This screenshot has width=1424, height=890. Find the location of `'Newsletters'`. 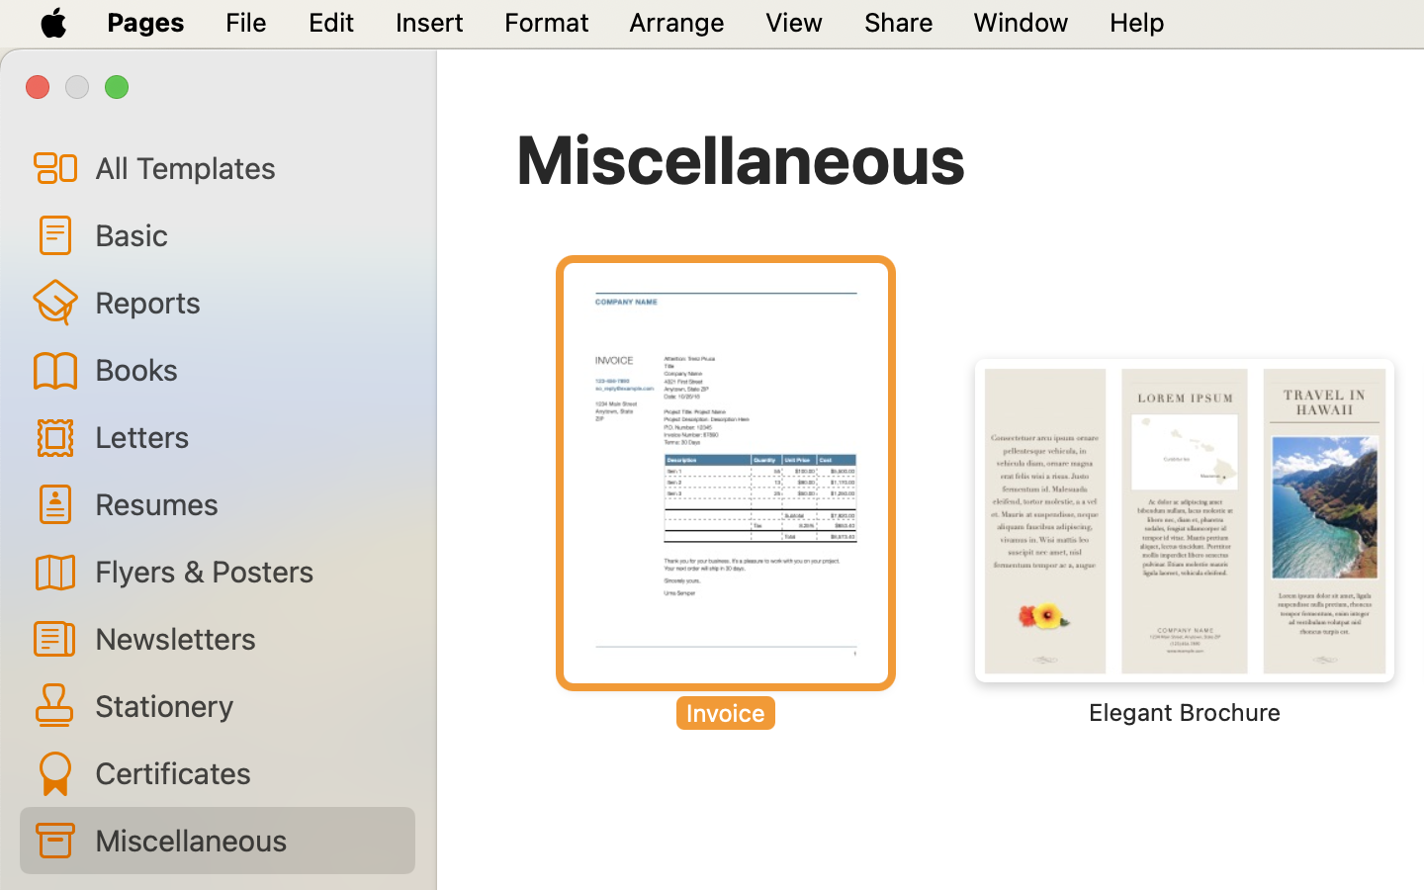

'Newsletters' is located at coordinates (245, 638).